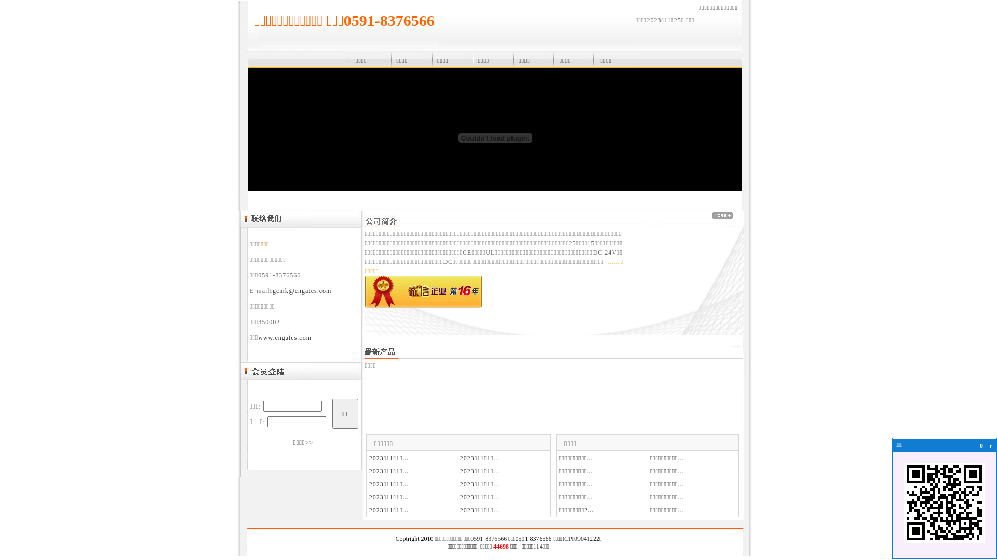 This screenshot has height=560, width=997. What do you see at coordinates (981, 445) in the screenshot?
I see `'0'` at bounding box center [981, 445].